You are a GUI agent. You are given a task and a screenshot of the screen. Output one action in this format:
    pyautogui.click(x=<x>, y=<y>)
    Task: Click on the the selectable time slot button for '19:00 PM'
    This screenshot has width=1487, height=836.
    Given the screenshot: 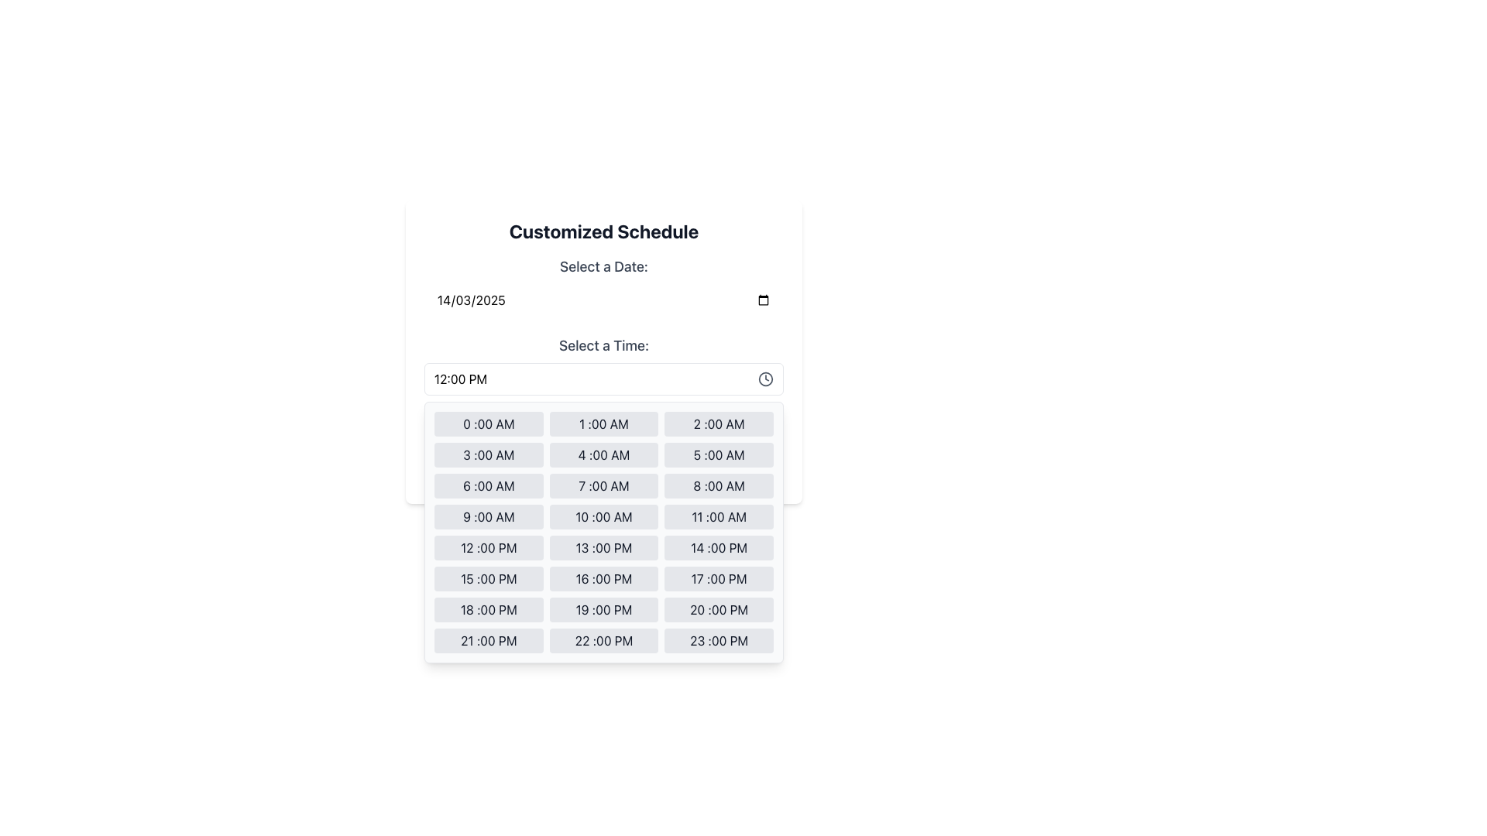 What is the action you would take?
    pyautogui.click(x=603, y=608)
    